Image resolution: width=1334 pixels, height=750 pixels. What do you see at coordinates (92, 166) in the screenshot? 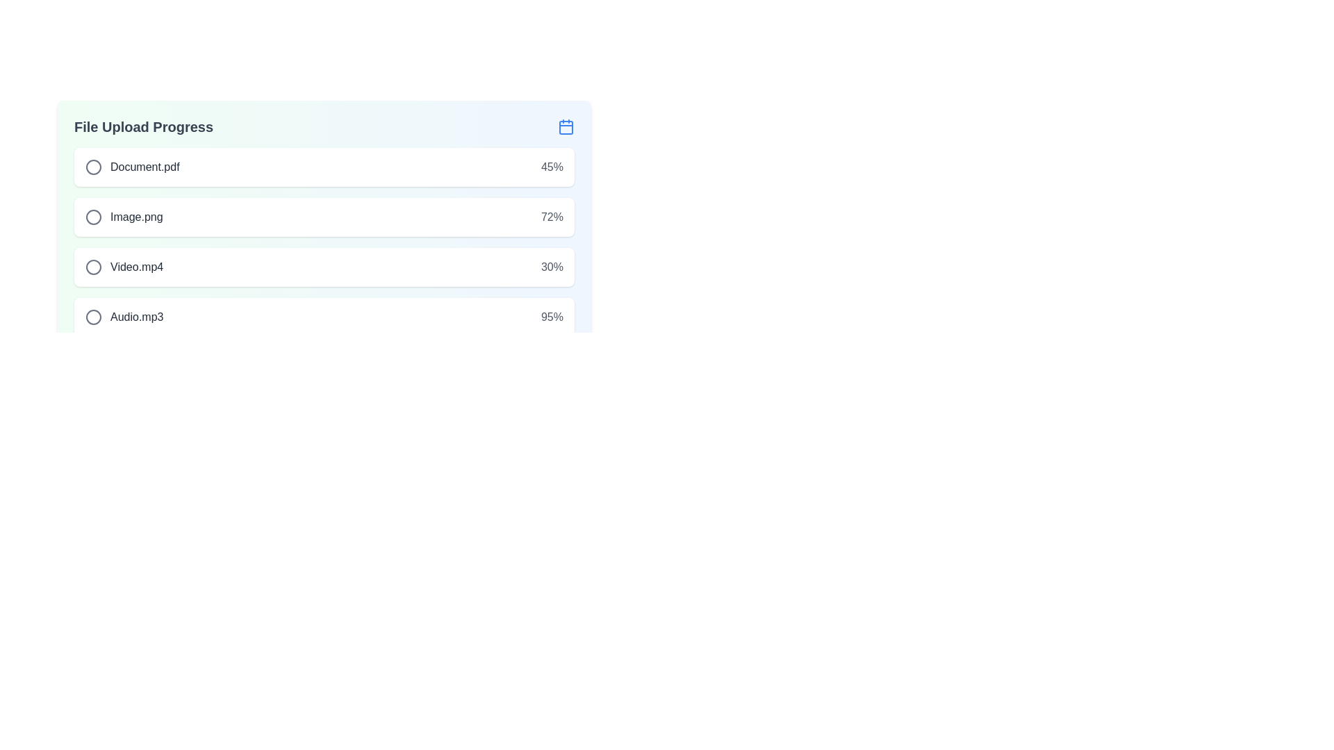
I see `the selection indicator (radio button) for 'Document.pdf' located at the far left of the item row in the 'File Upload Progress' interface` at bounding box center [92, 166].